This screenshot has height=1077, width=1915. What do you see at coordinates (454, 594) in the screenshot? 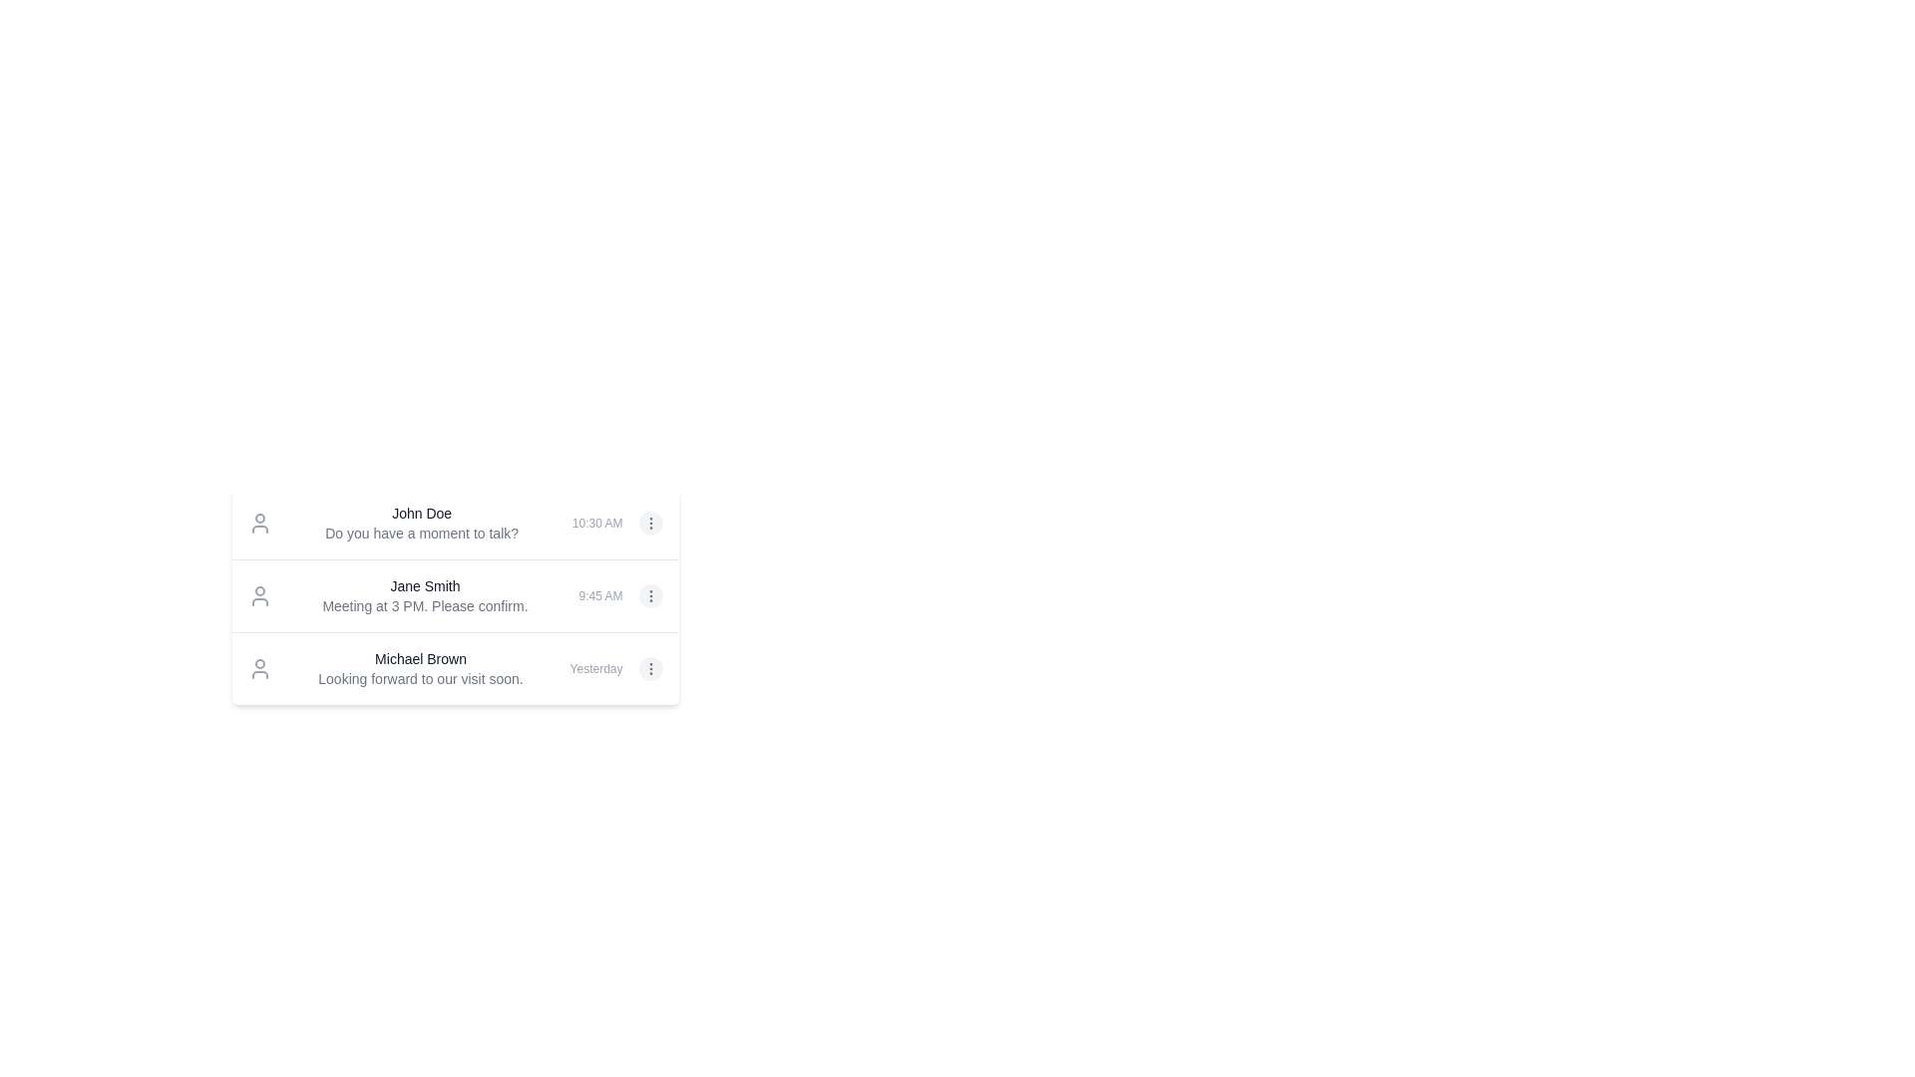
I see `the second message item in the list, which displays the sender's name, message preview, and time sent` at bounding box center [454, 594].